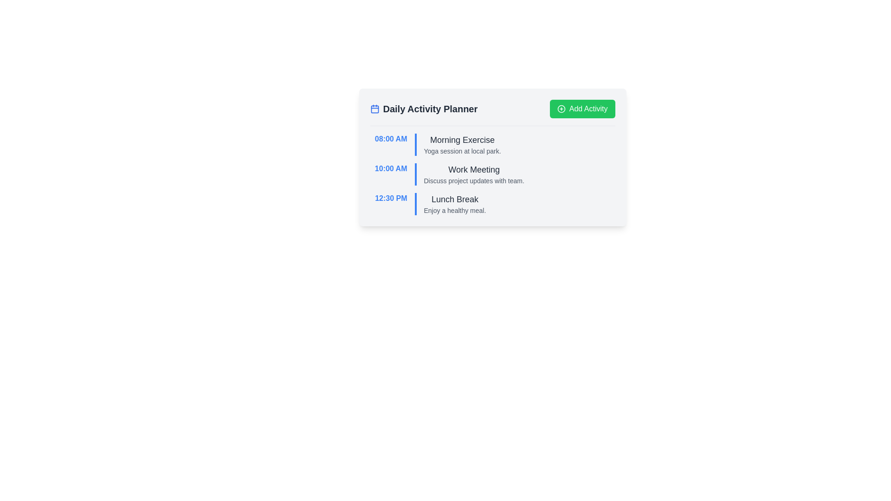  What do you see at coordinates (492, 145) in the screenshot?
I see `textual information from the first List Item representing an Event Entry, which displays the scheduled event's time and description` at bounding box center [492, 145].